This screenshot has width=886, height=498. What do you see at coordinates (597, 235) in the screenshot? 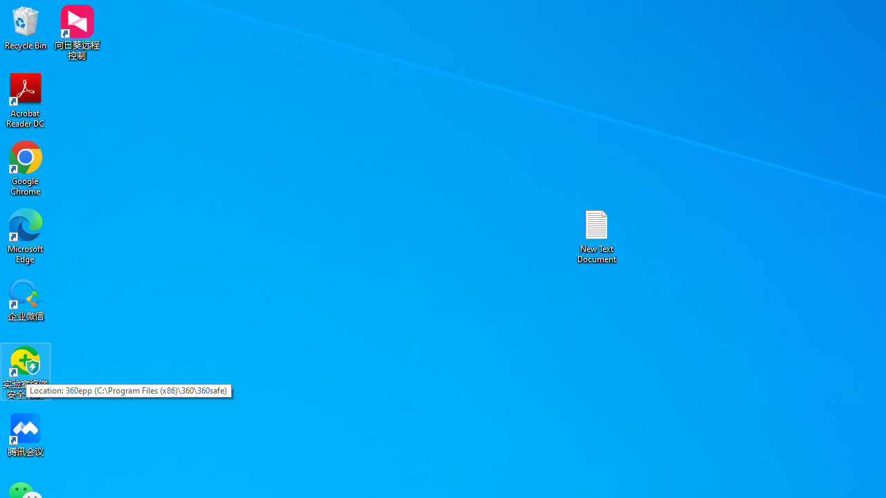
I see `'New Text Document'` at bounding box center [597, 235].